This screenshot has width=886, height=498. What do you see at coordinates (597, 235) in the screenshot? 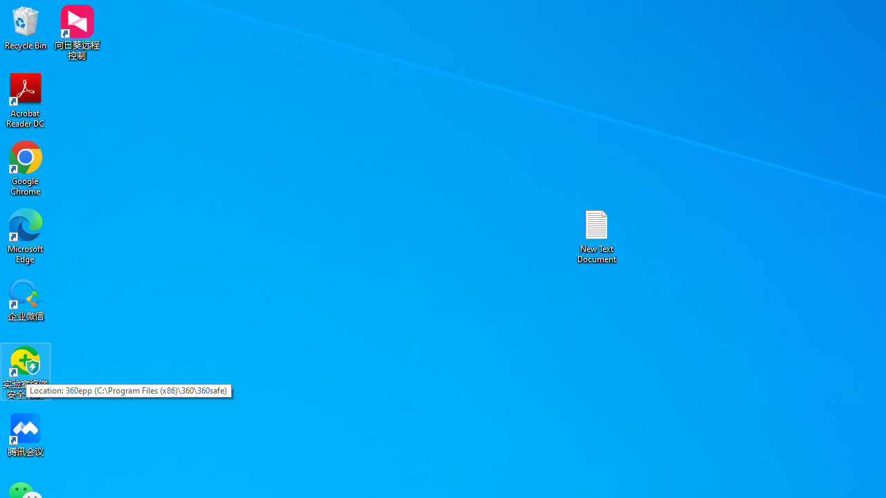
I see `'New Text Document'` at bounding box center [597, 235].